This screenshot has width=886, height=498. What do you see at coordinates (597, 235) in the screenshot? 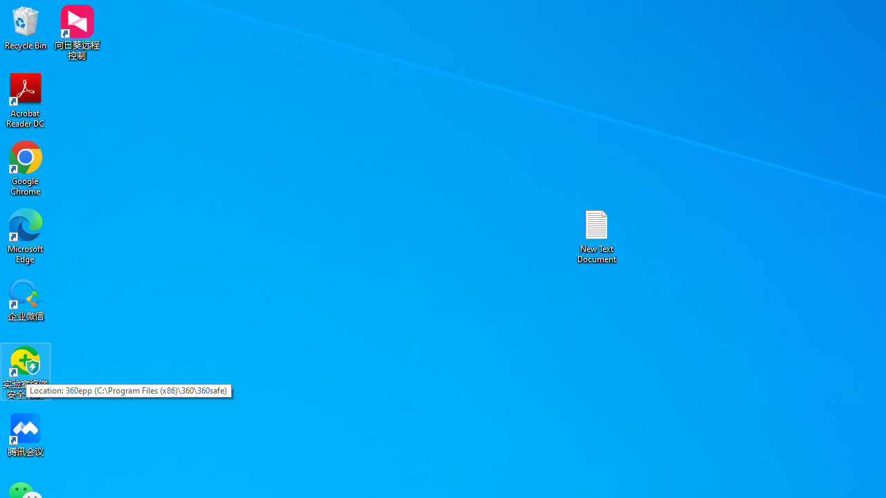
I see `'New Text Document'` at bounding box center [597, 235].